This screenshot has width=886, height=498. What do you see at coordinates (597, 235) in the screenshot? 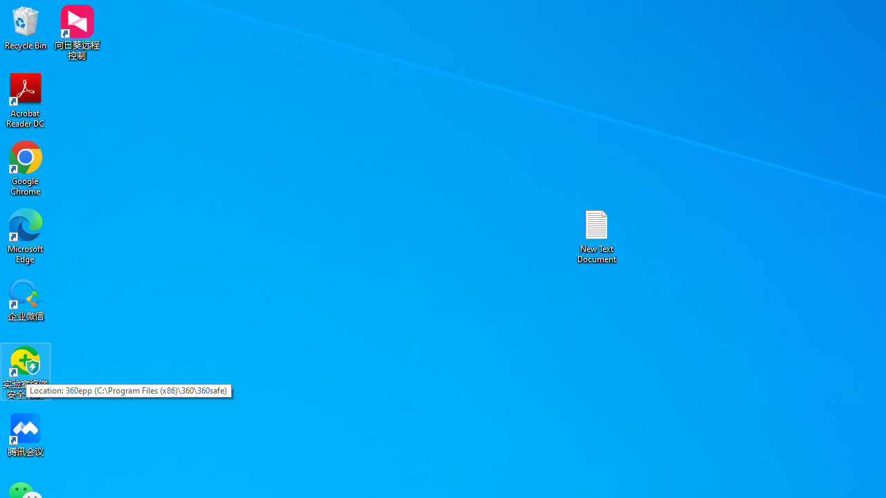
I see `'New Text Document'` at bounding box center [597, 235].